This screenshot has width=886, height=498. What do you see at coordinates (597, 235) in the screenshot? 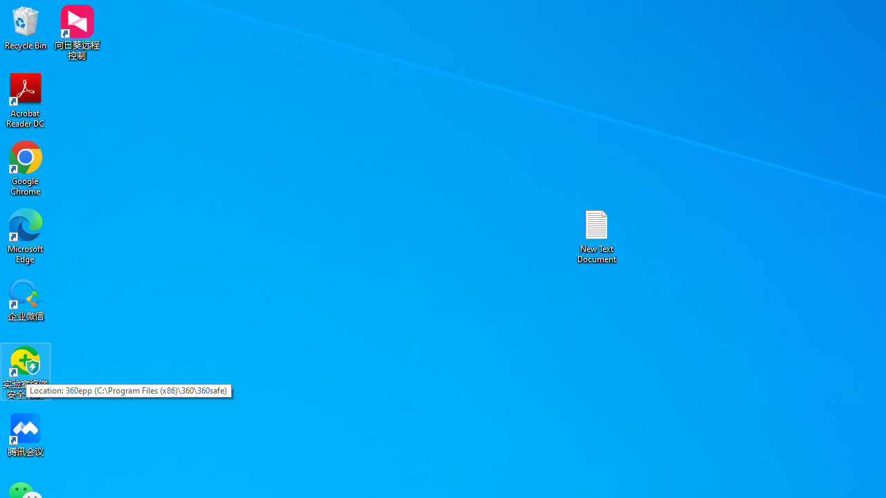
I see `'New Text Document'` at bounding box center [597, 235].